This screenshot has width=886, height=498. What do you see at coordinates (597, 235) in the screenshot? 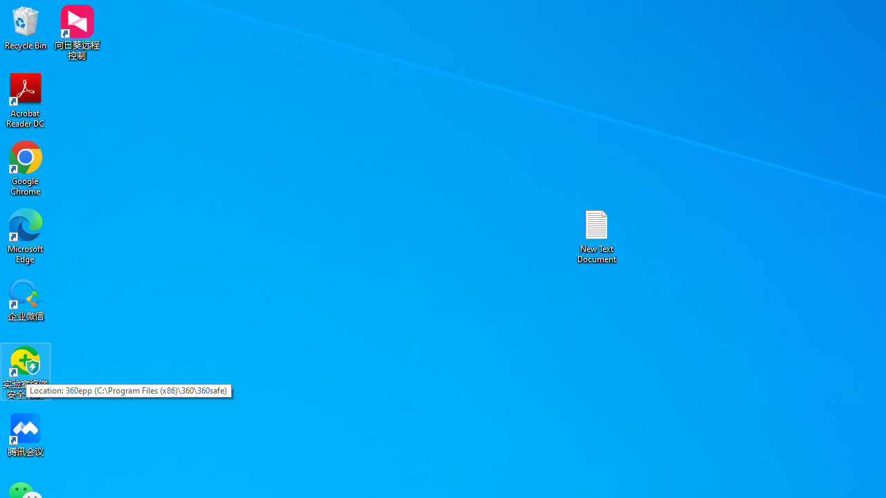
I see `'New Text Document'` at bounding box center [597, 235].